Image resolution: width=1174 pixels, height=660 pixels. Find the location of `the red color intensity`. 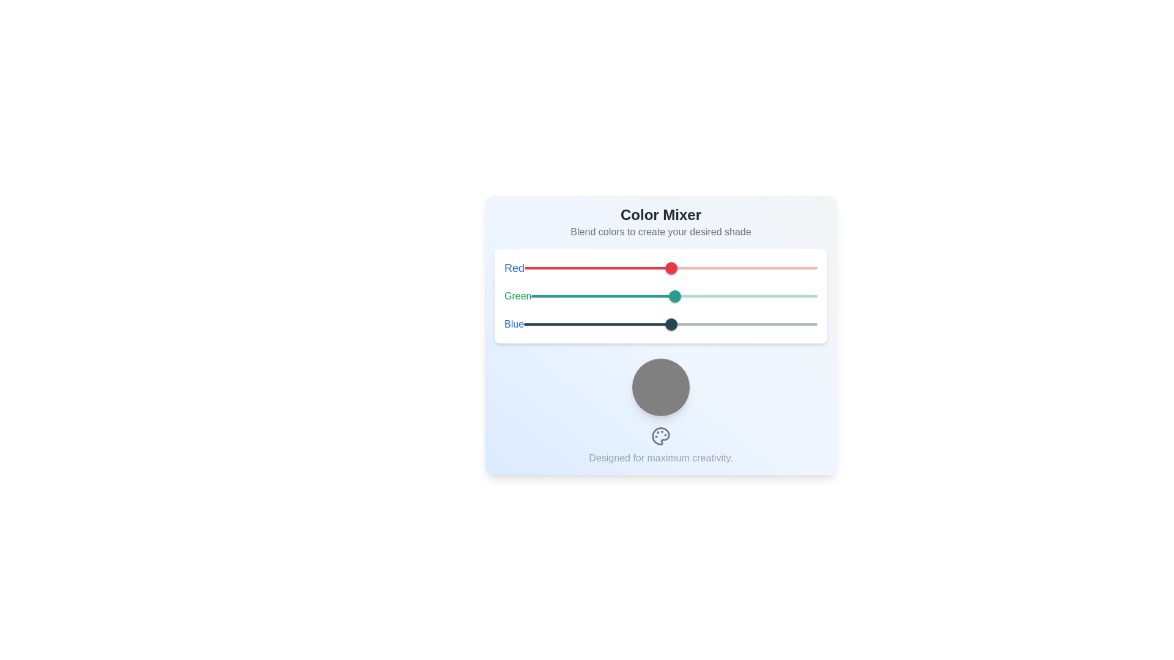

the red color intensity is located at coordinates (707, 268).